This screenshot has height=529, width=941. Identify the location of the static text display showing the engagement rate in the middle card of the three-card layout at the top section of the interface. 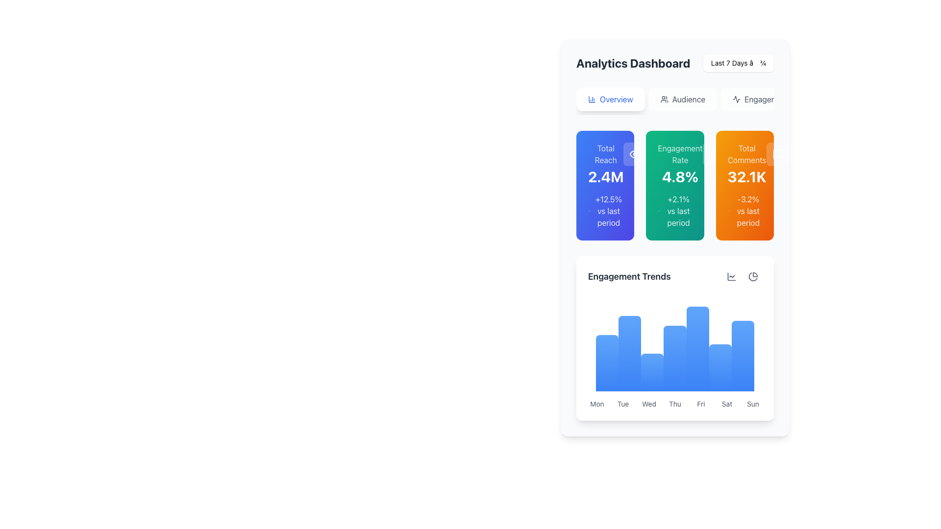
(679, 164).